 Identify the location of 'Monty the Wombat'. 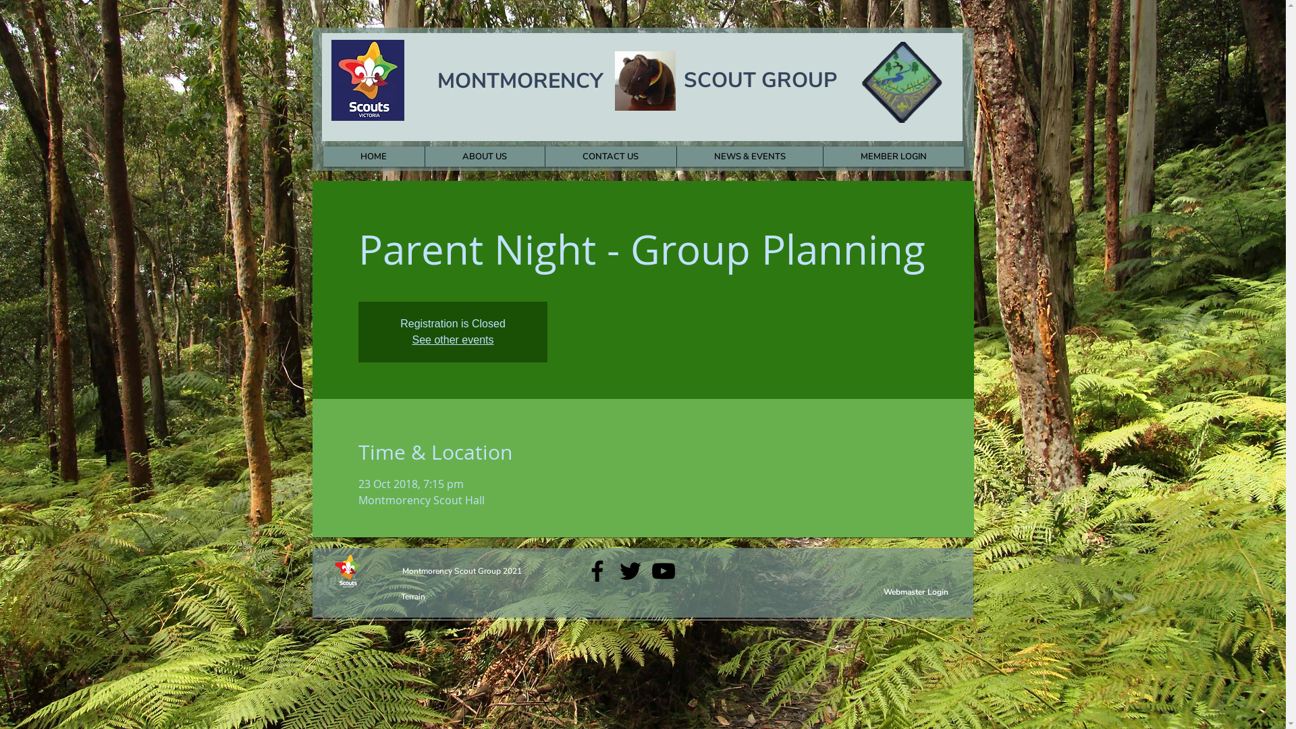
(644, 80).